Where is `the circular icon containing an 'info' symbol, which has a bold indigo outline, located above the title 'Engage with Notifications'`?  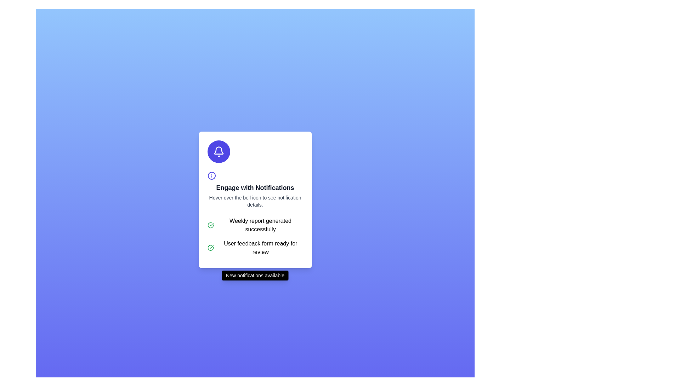 the circular icon containing an 'info' symbol, which has a bold indigo outline, located above the title 'Engage with Notifications' is located at coordinates (211, 175).